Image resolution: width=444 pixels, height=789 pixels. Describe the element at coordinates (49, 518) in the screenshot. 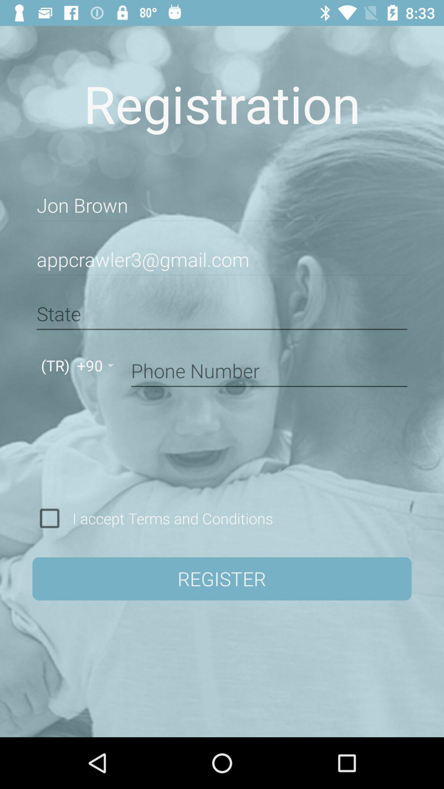

I see `the icon below the (tr)  +90 icon` at that location.